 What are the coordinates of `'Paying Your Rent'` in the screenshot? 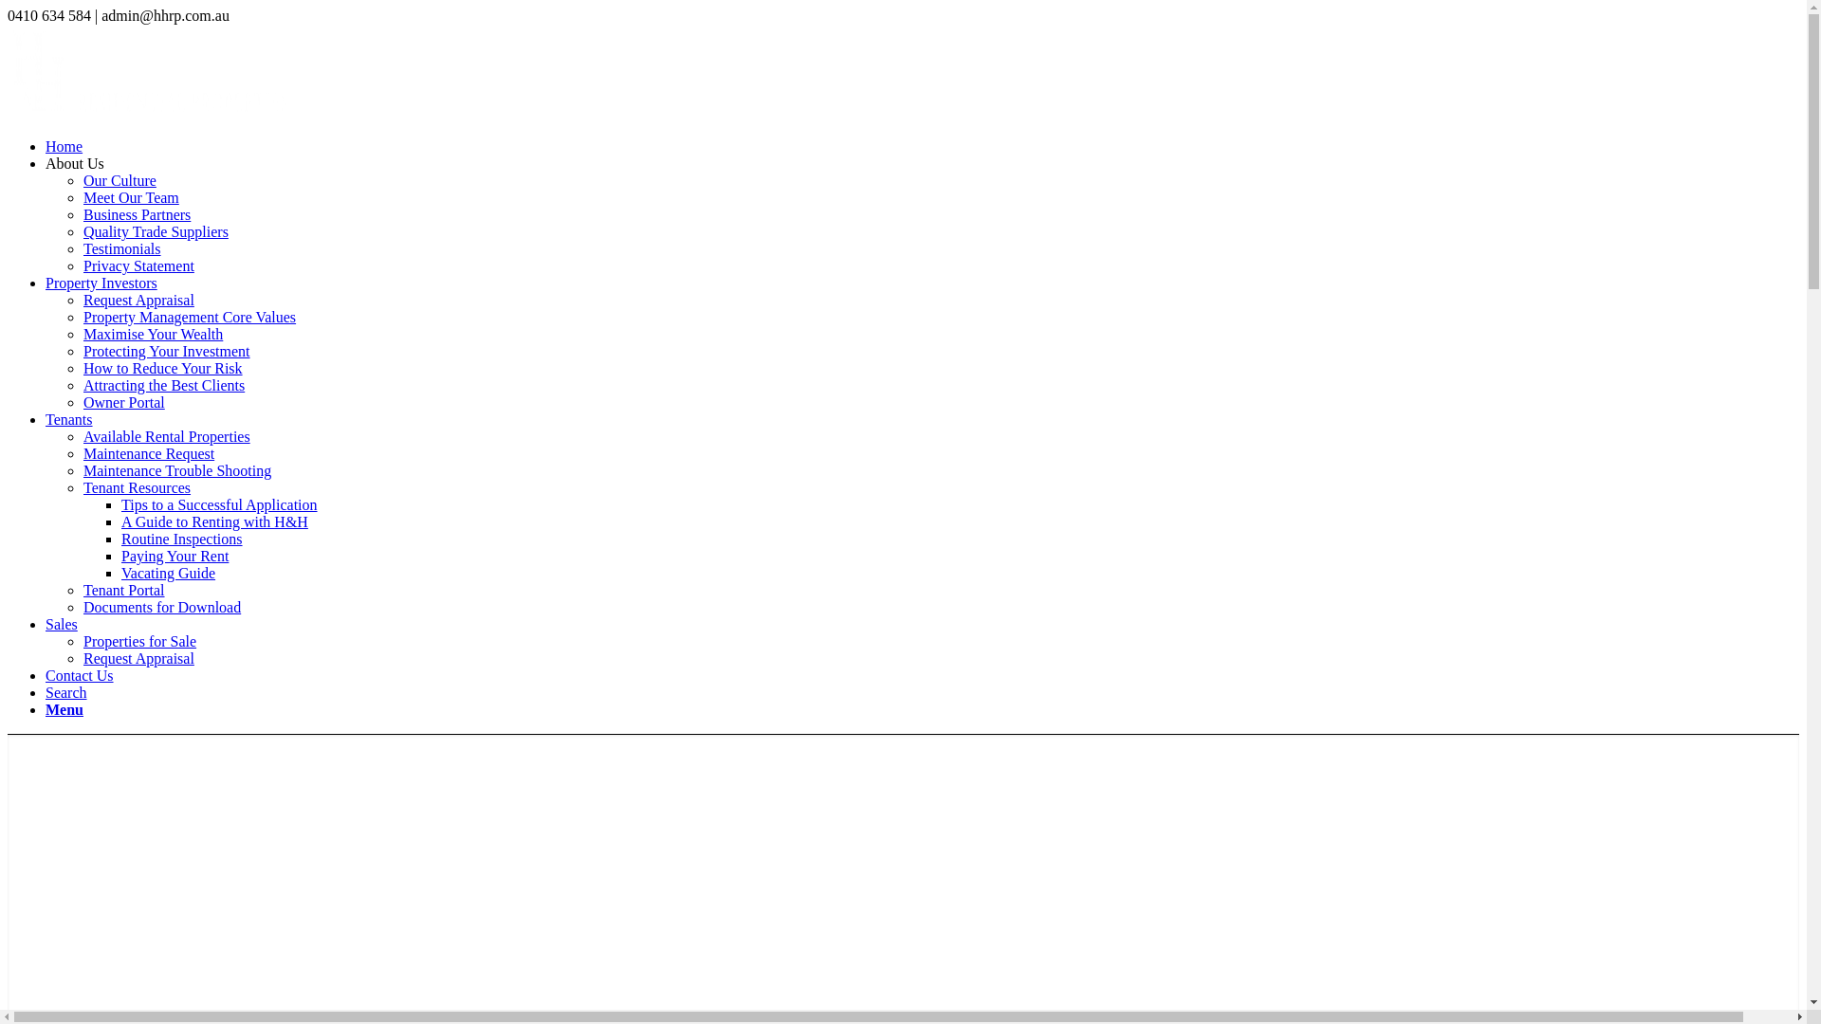 It's located at (175, 555).